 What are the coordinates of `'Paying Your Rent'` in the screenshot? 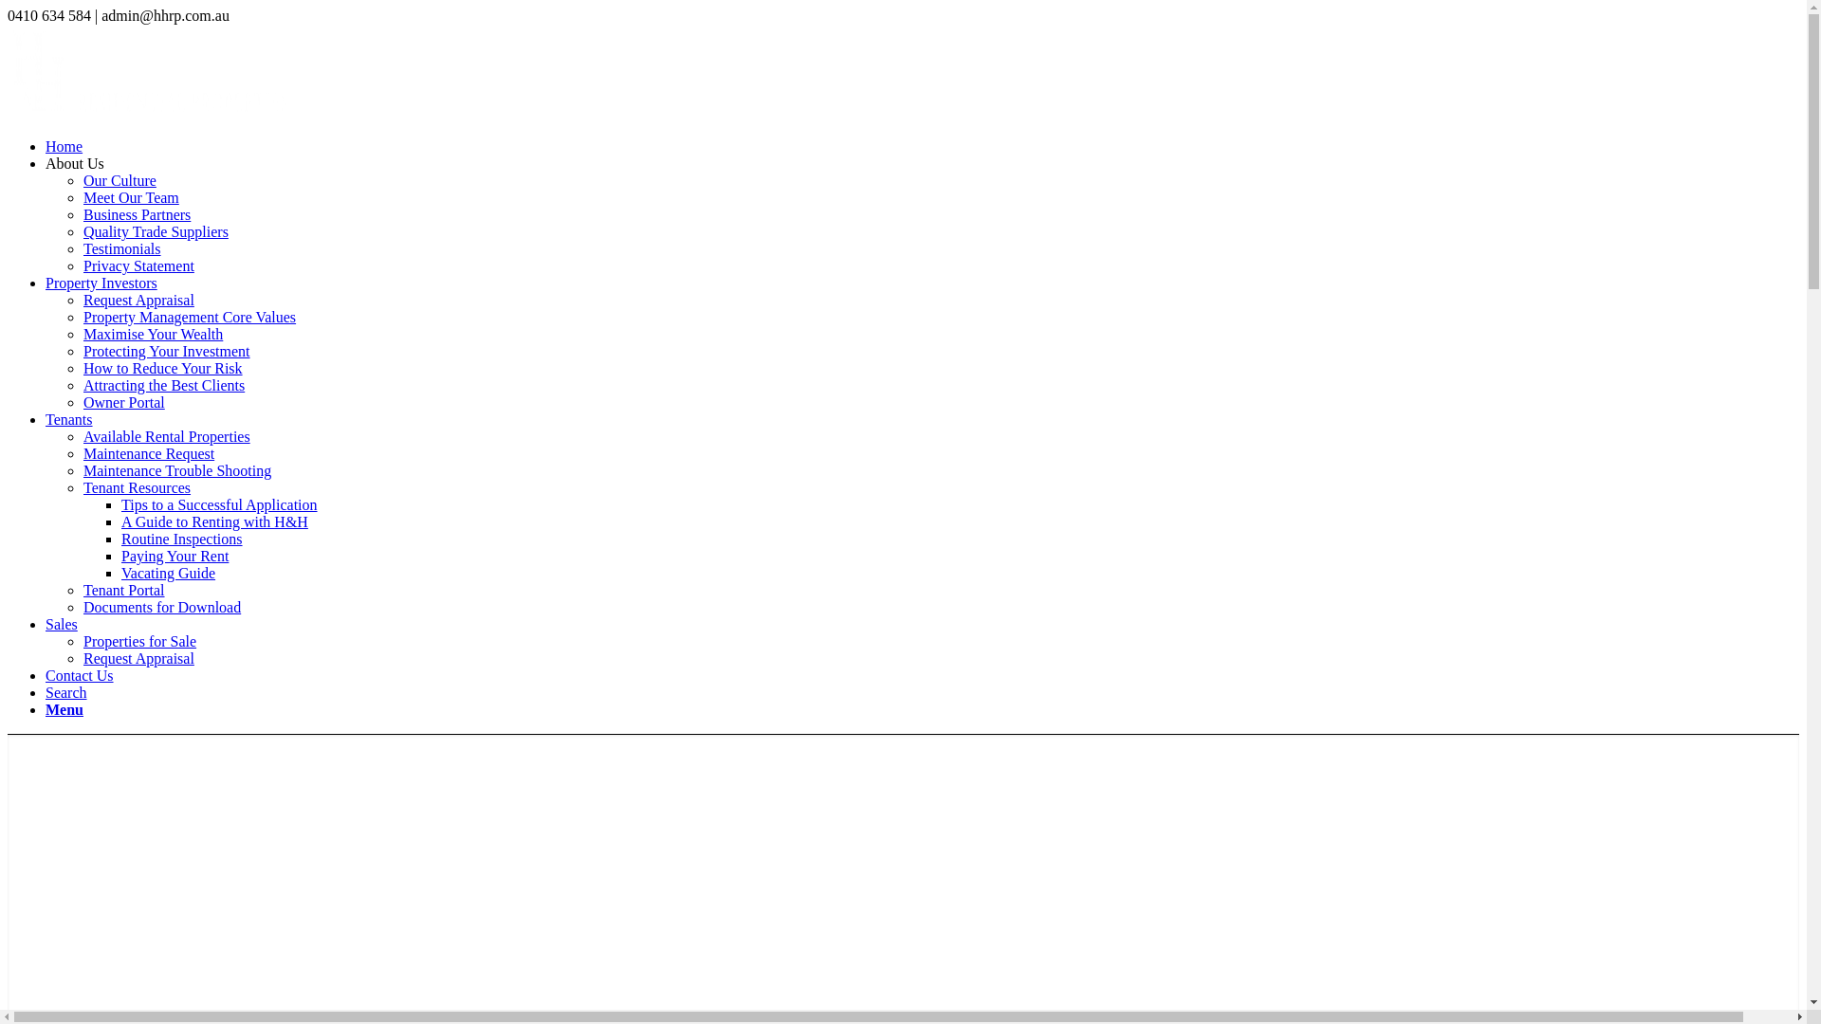 It's located at (175, 555).